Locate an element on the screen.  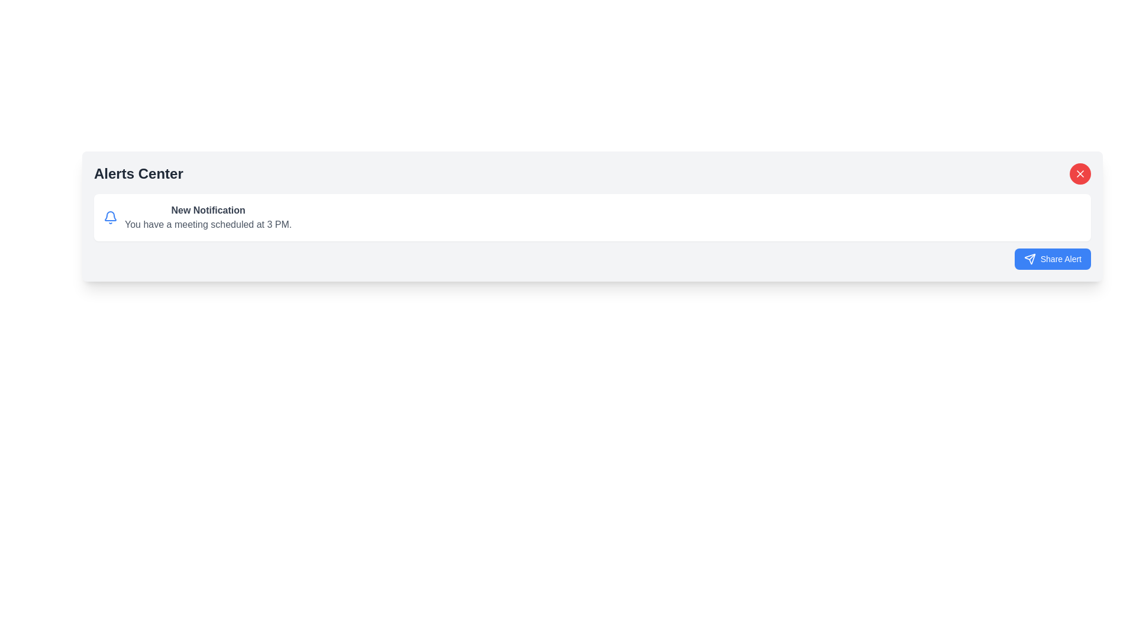
the 'New Notification' text display component located in the 'Alerts Center' area, which shows a bolded title and a descriptive text, to check for interactive functionality is located at coordinates (208, 217).